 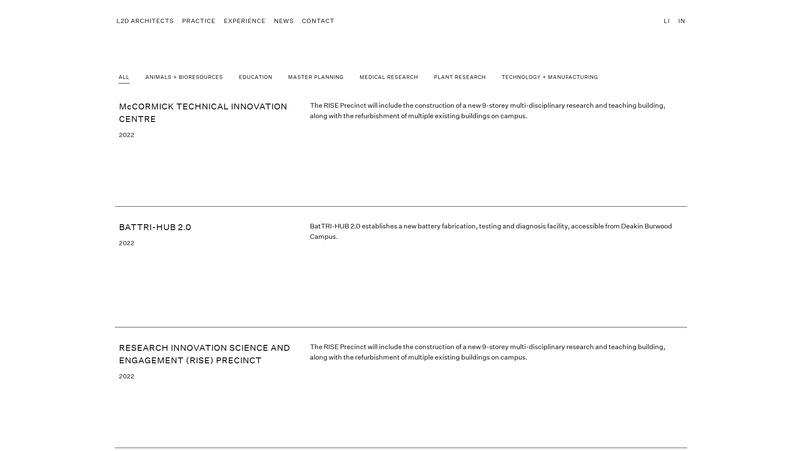 What do you see at coordinates (666, 20) in the screenshot?
I see `'LI'` at bounding box center [666, 20].